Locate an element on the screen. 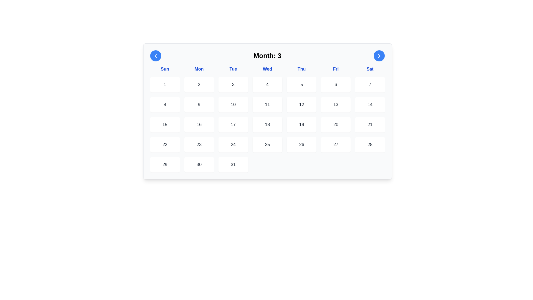 This screenshot has width=533, height=300. the day cell is located at coordinates (267, 124).